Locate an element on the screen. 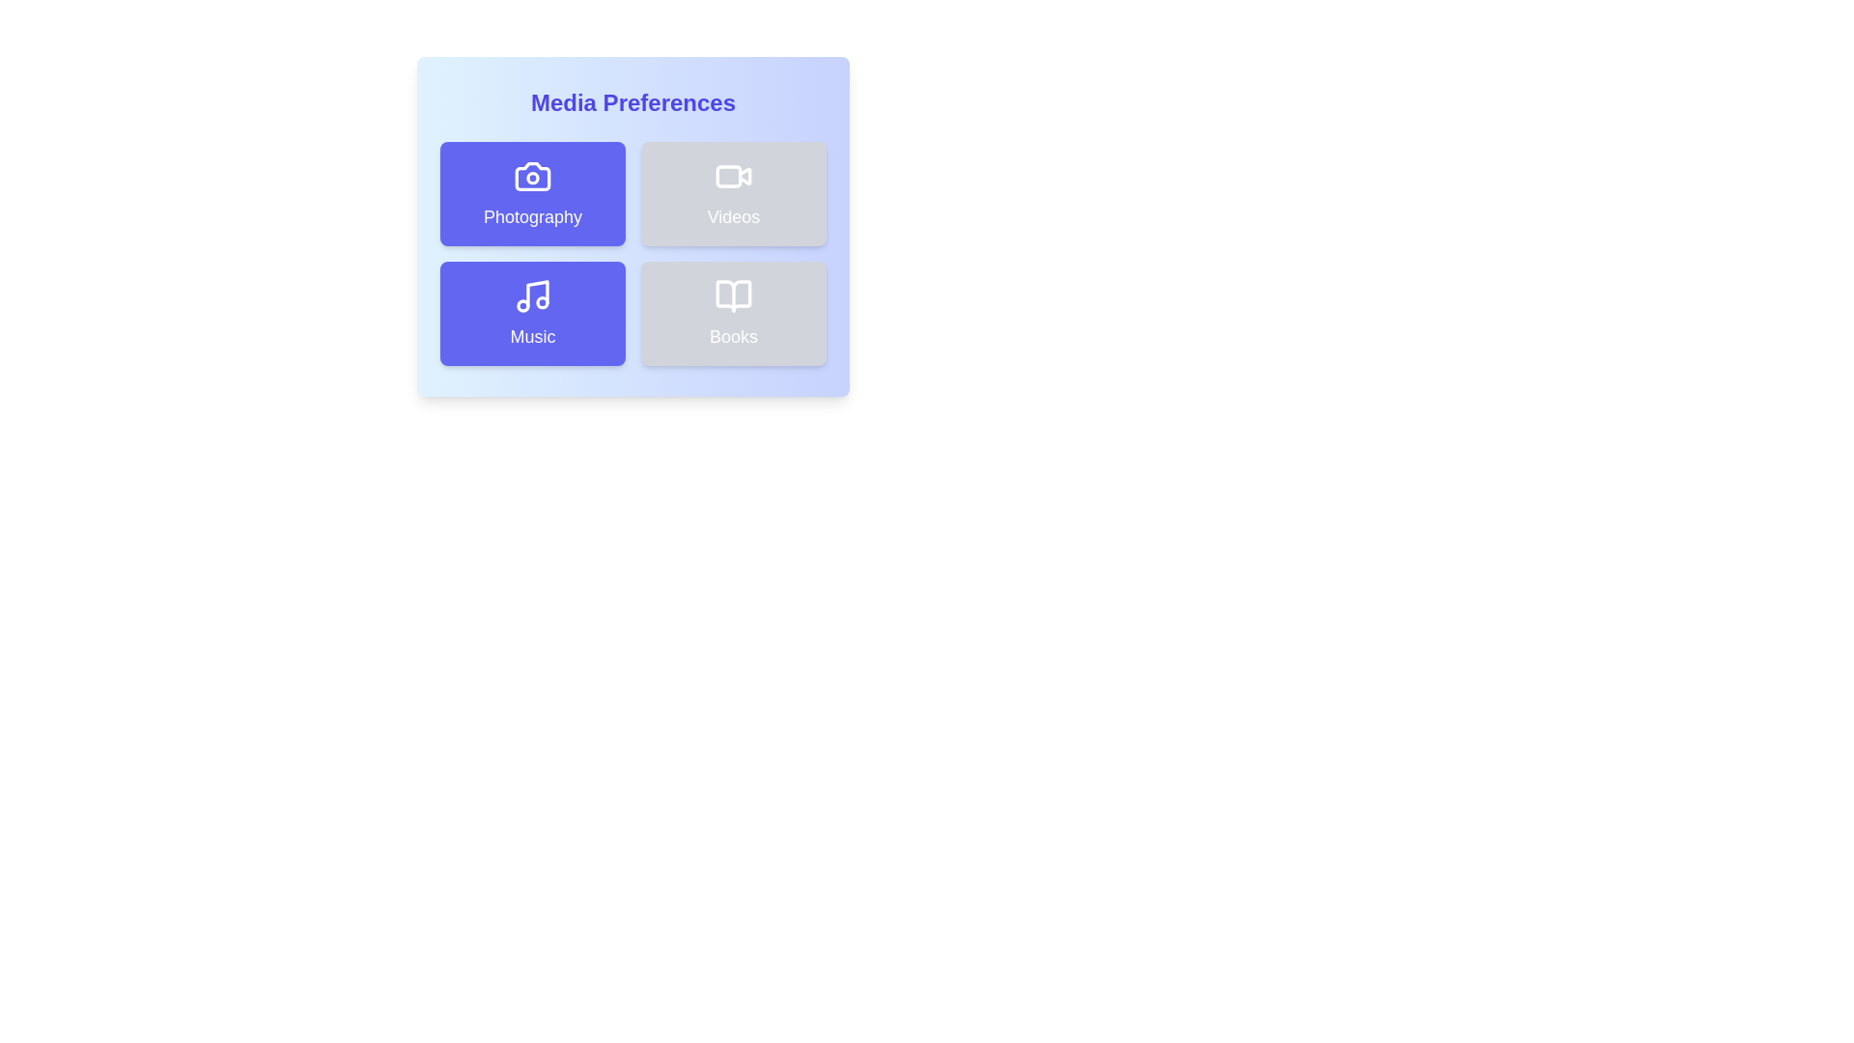 This screenshot has width=1854, height=1043. the Videos button to observe visual feedback is located at coordinates (732, 193).